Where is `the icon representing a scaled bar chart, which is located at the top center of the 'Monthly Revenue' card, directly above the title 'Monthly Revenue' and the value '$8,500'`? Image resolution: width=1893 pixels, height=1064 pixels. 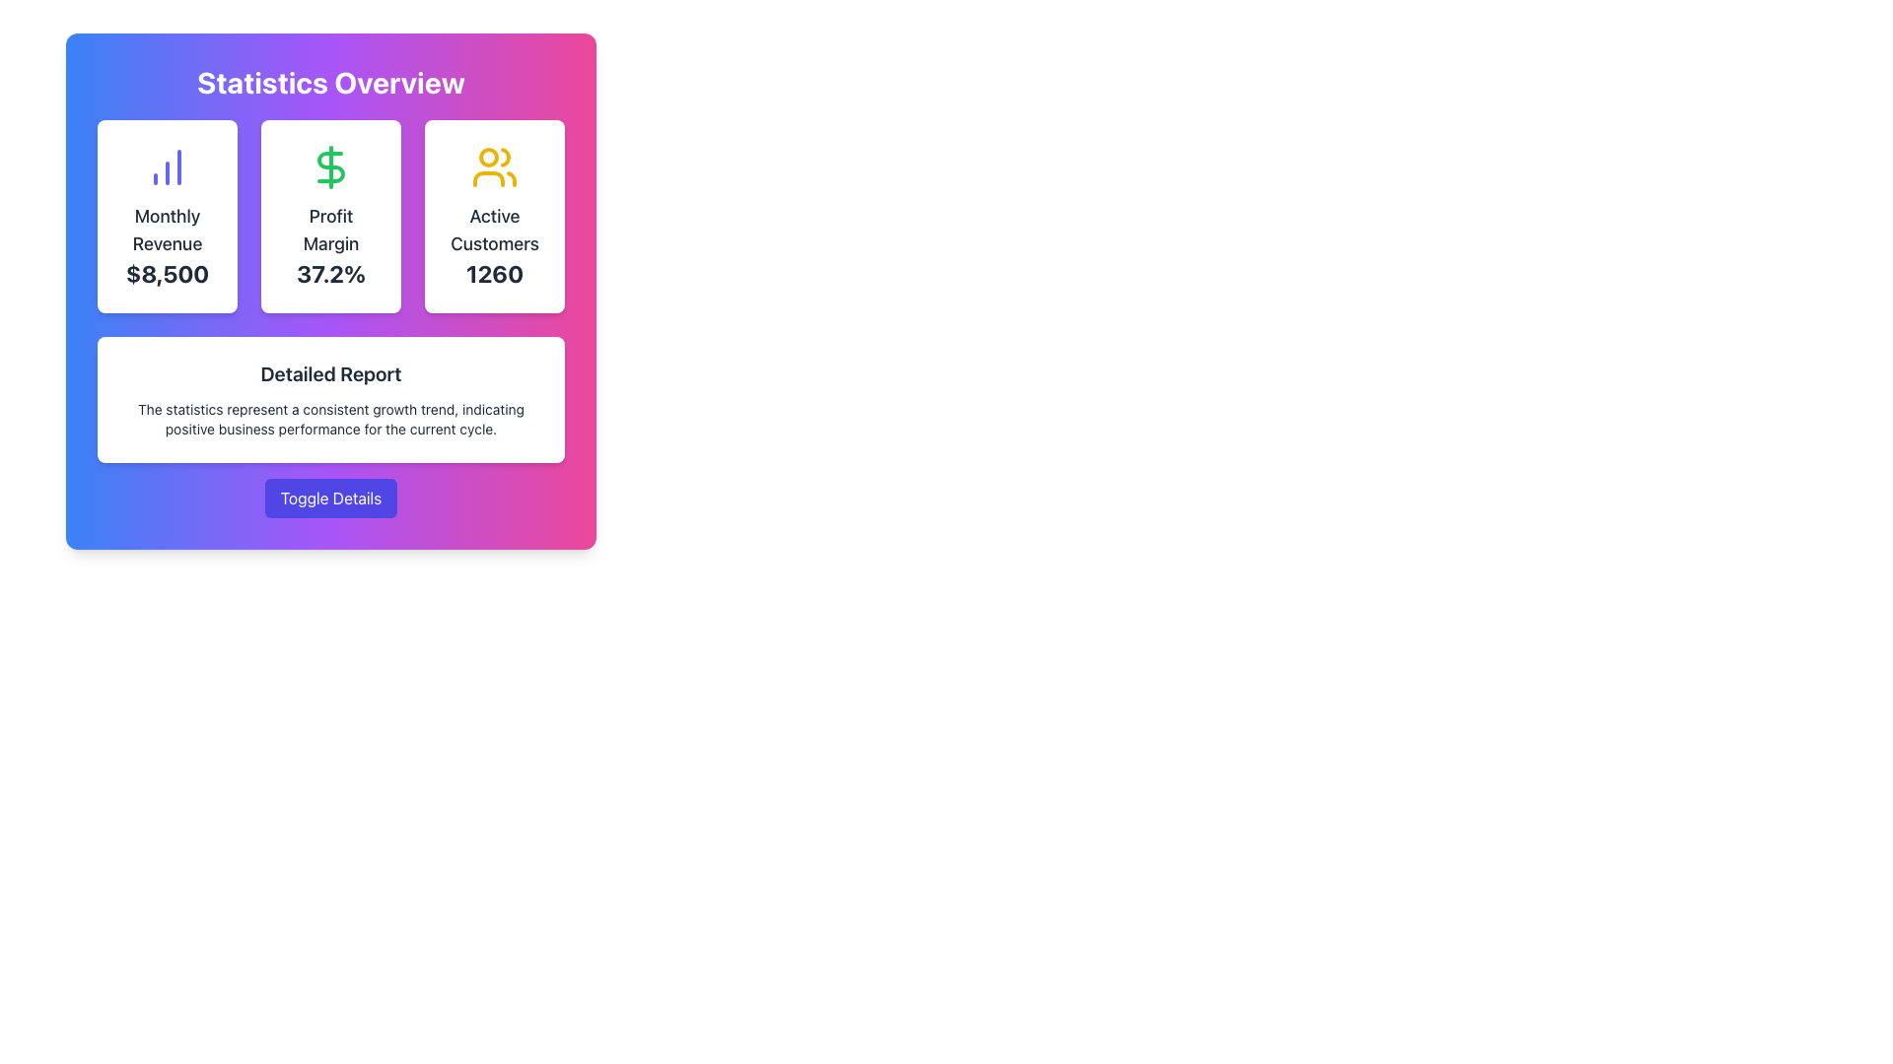
the icon representing a scaled bar chart, which is located at the top center of the 'Monthly Revenue' card, directly above the title 'Monthly Revenue' and the value '$8,500' is located at coordinates (167, 166).